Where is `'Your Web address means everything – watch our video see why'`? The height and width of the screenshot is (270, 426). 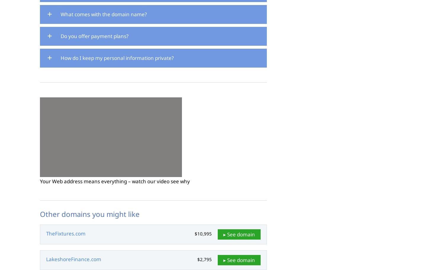 'Your Web address means everything – watch our video see why' is located at coordinates (114, 181).